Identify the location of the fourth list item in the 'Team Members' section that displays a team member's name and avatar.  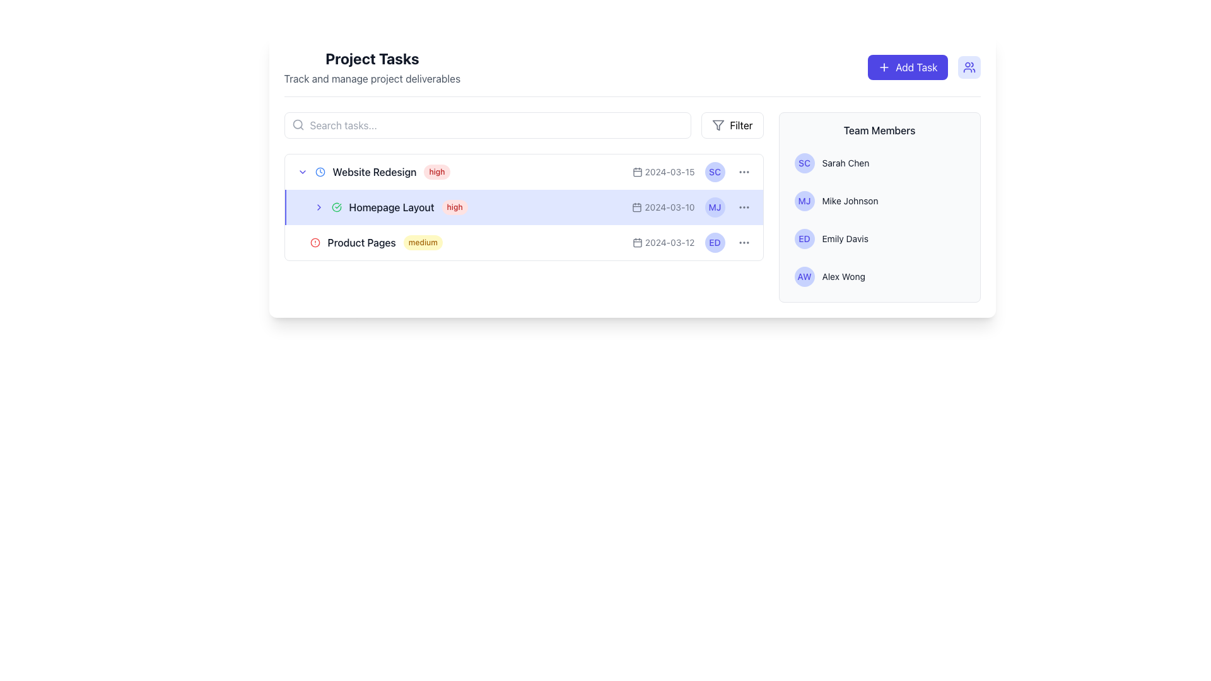
(879, 276).